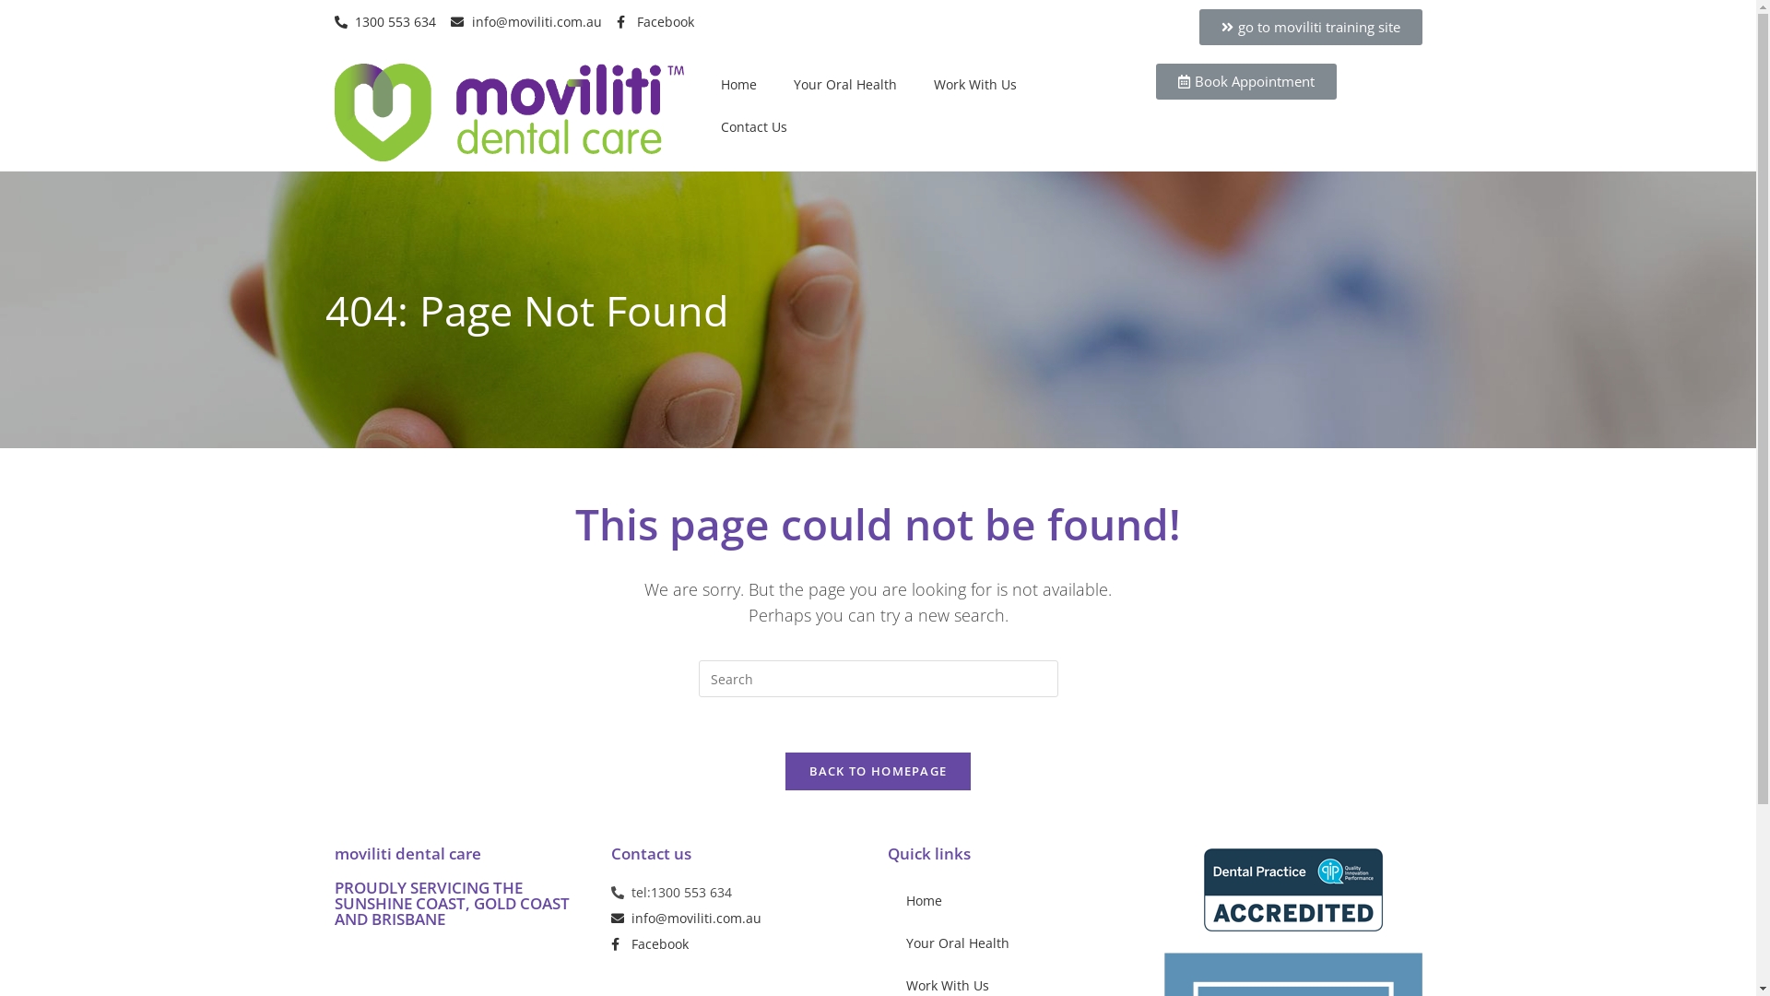 Image resolution: width=1770 pixels, height=996 pixels. What do you see at coordinates (878, 771) in the screenshot?
I see `'BACK TO HOMEPAGE'` at bounding box center [878, 771].